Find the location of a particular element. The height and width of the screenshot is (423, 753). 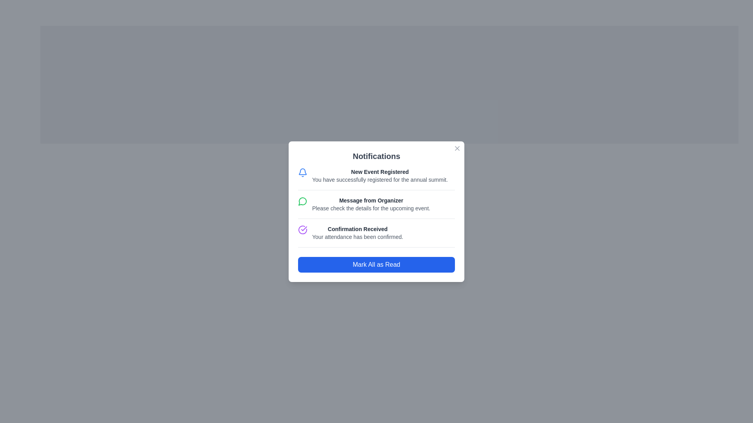

the small 'X' icon located in the top-right corner of the notification dialog, next to the title 'Notifications' is located at coordinates (457, 148).